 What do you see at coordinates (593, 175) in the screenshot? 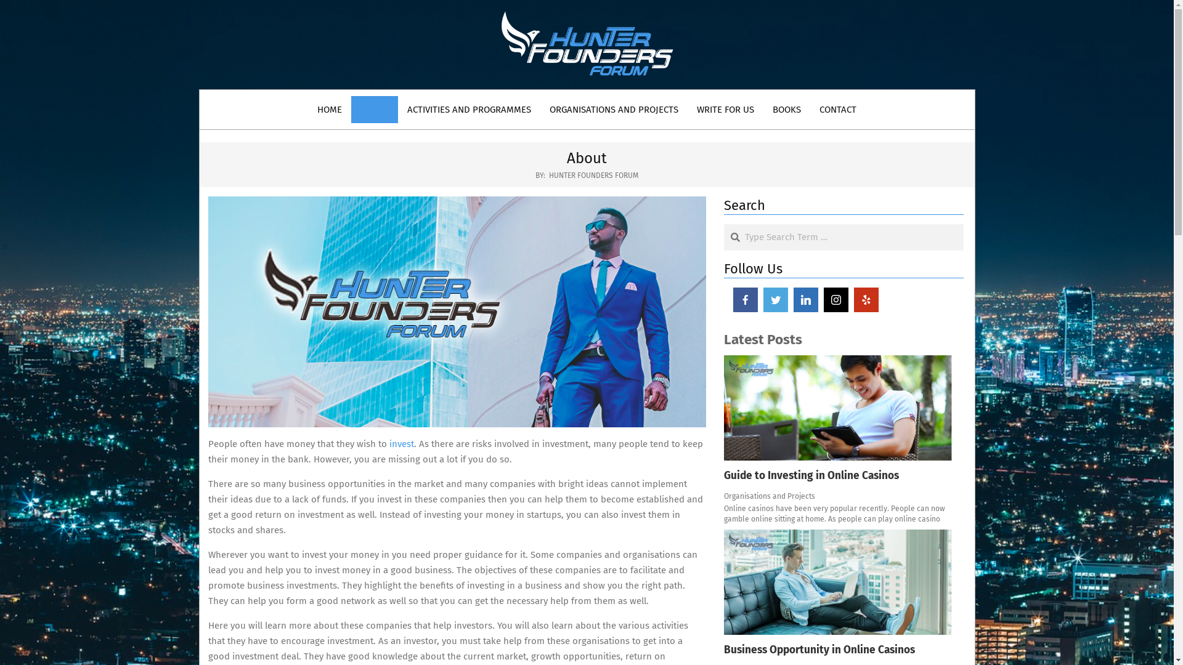
I see `'HUNTER FOUNDERS FORUM'` at bounding box center [593, 175].